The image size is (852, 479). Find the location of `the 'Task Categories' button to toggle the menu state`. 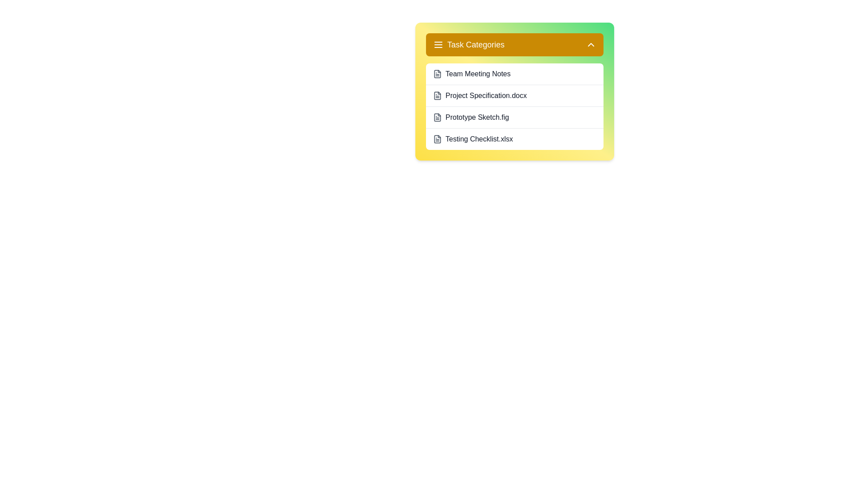

the 'Task Categories' button to toggle the menu state is located at coordinates (515, 44).